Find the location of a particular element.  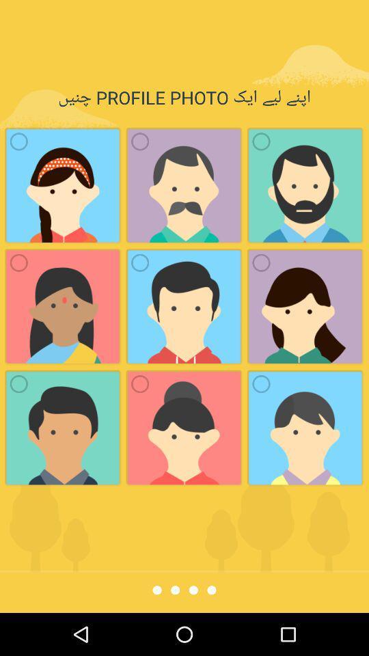

the 2nd image from the bottom right side of the web page is located at coordinates (305, 306).